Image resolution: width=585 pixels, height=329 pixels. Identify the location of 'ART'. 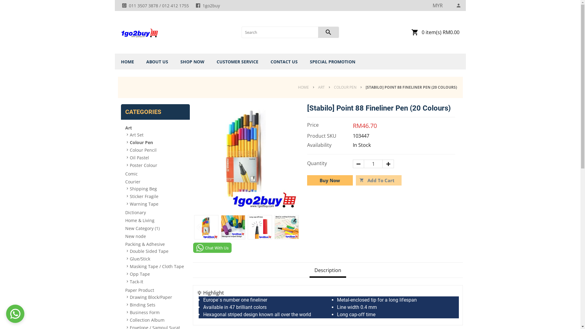
(321, 87).